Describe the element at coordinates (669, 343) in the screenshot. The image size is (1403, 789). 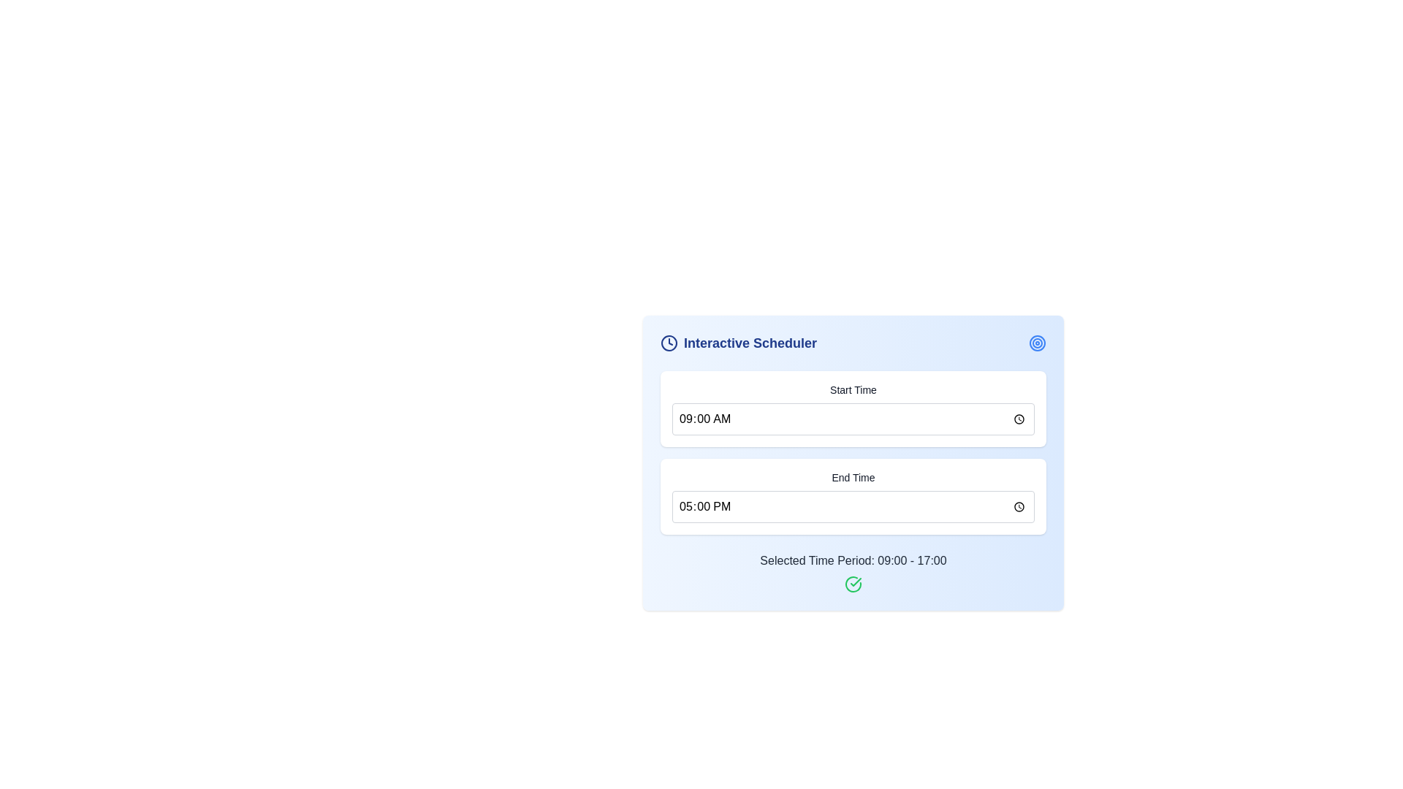
I see `the SVG circle that represents the clock icon, which is located in the top-left area of the content card next to the 'Interactive Scheduler' text` at that location.